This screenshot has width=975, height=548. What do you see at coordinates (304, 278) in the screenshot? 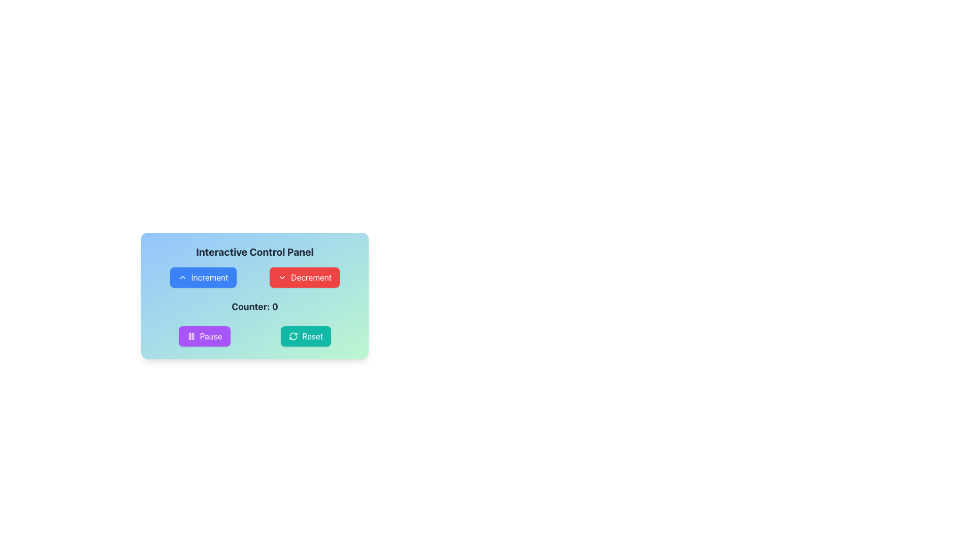
I see `the second button in a horizontal arrangement that decreases the counter value in the control panel, located to the right of the blue 'Increment' button` at bounding box center [304, 278].